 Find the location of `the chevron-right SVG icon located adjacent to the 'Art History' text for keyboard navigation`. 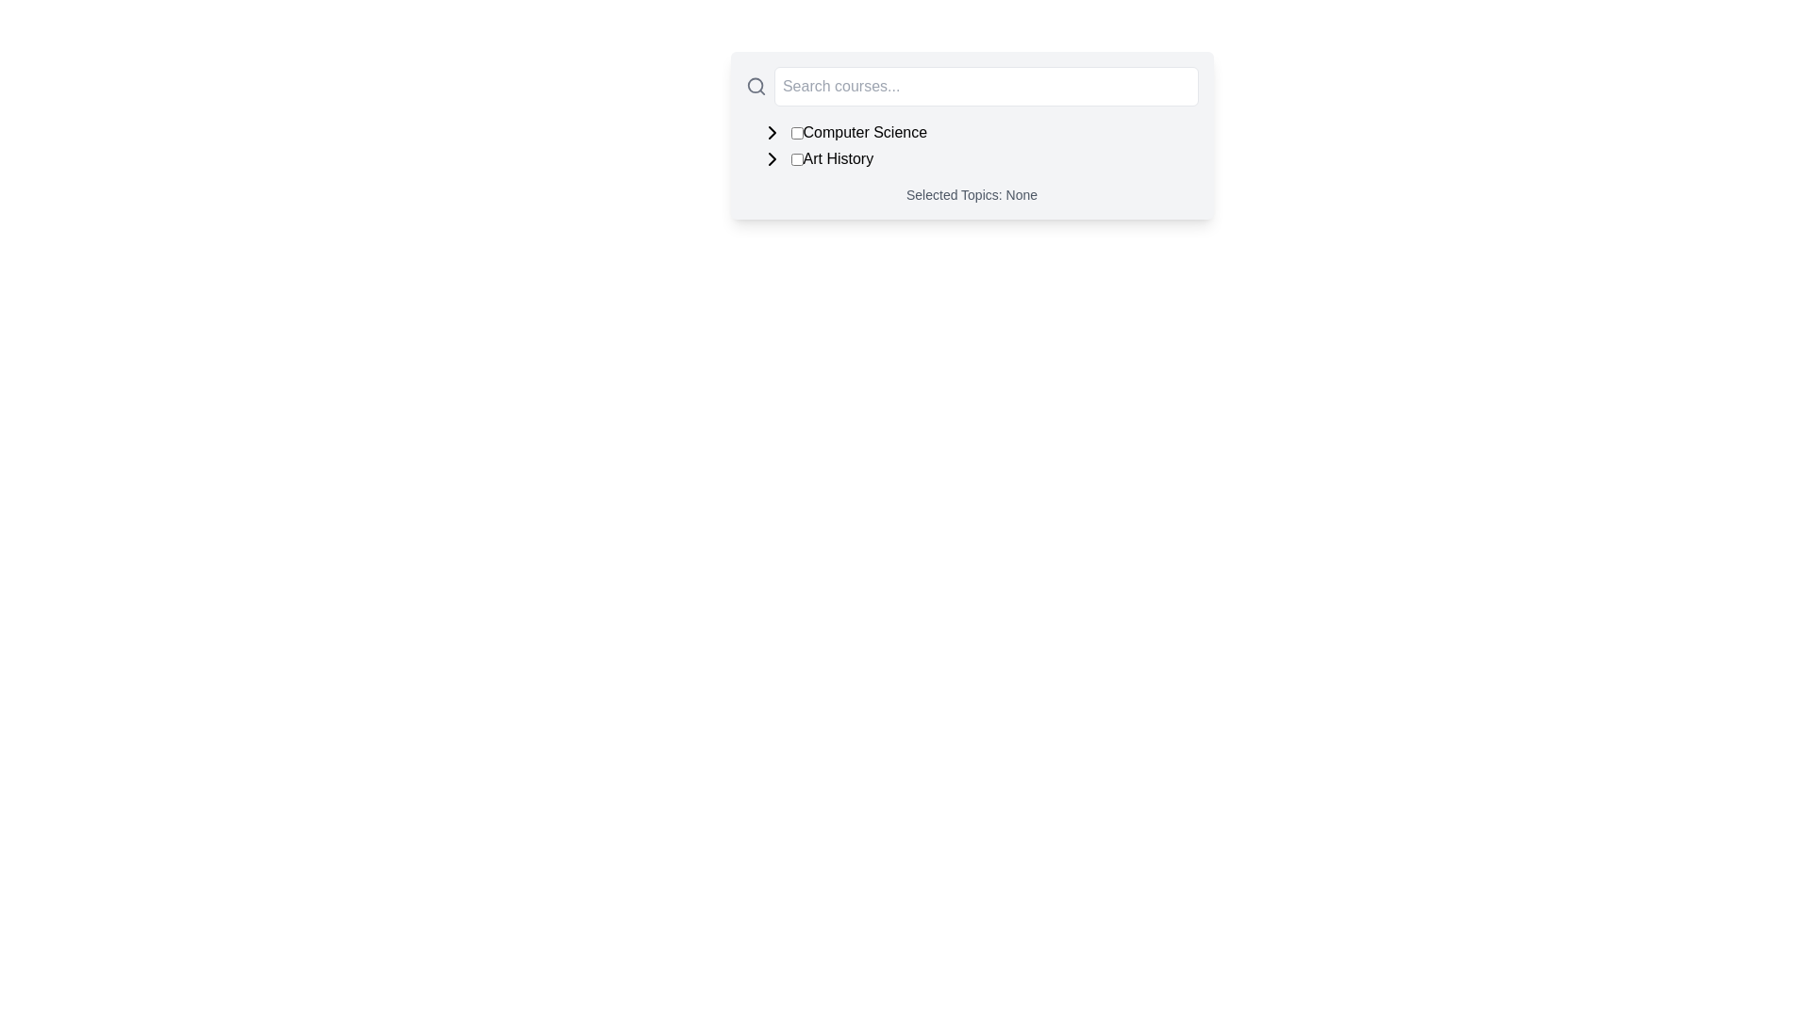

the chevron-right SVG icon located adjacent to the 'Art History' text for keyboard navigation is located at coordinates (772, 132).